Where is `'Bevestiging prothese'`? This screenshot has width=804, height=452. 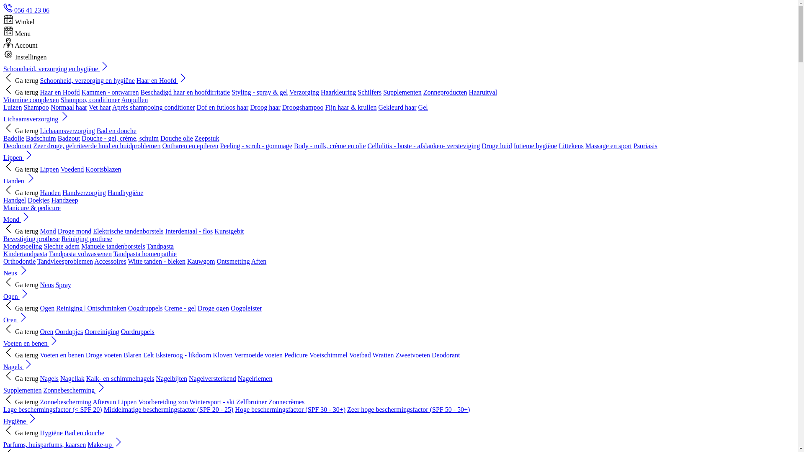 'Bevestiging prothese' is located at coordinates (31, 239).